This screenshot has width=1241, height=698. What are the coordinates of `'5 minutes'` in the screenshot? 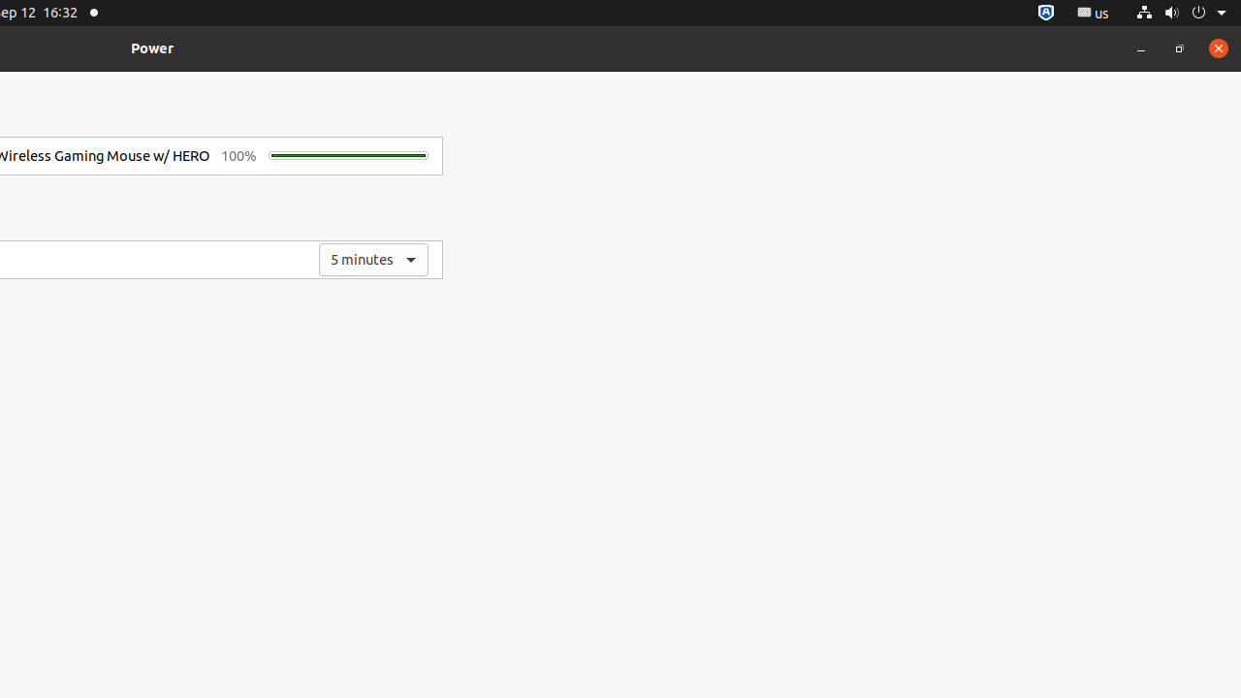 It's located at (373, 258).